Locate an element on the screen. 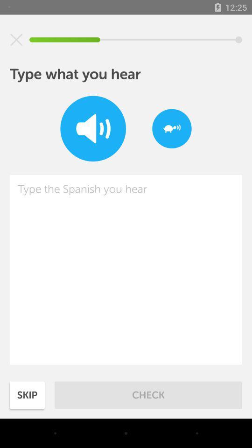 The width and height of the screenshot is (252, 448). the icon at the top left corner is located at coordinates (16, 40).